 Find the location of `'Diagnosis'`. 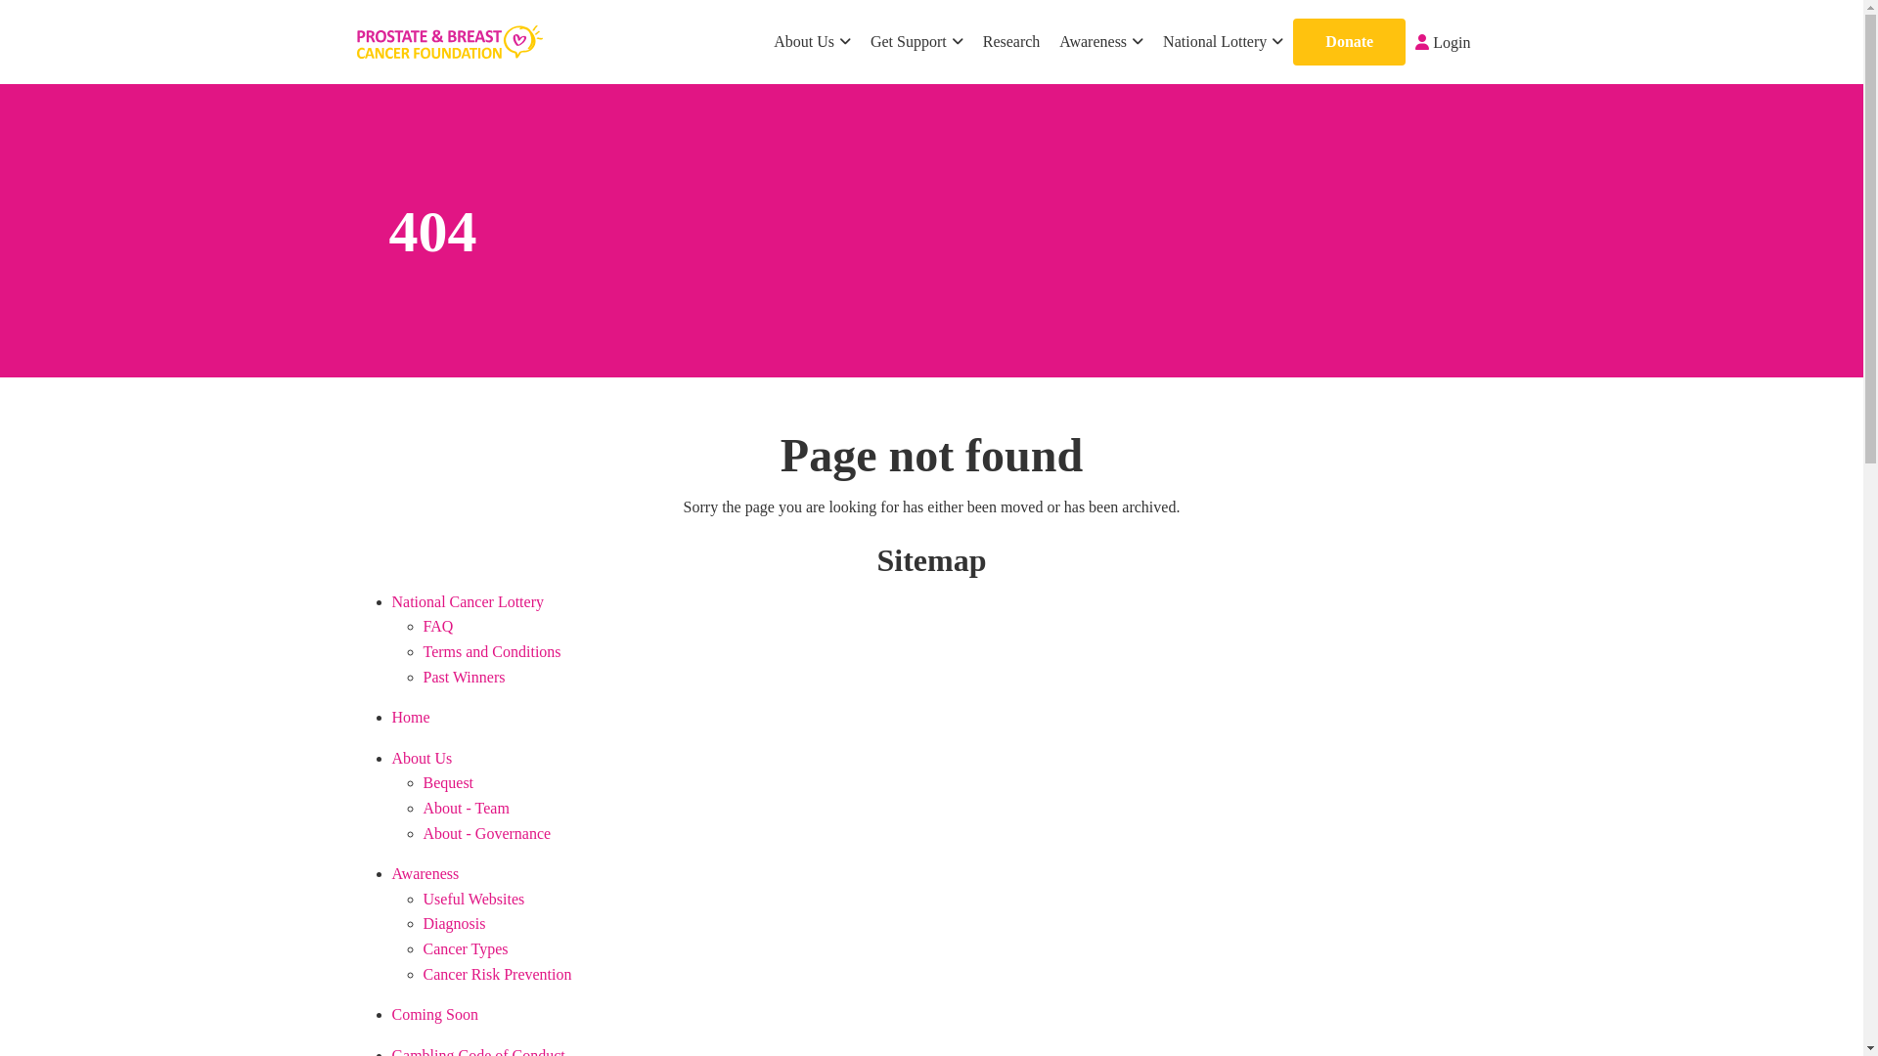

'Diagnosis' is located at coordinates (453, 923).